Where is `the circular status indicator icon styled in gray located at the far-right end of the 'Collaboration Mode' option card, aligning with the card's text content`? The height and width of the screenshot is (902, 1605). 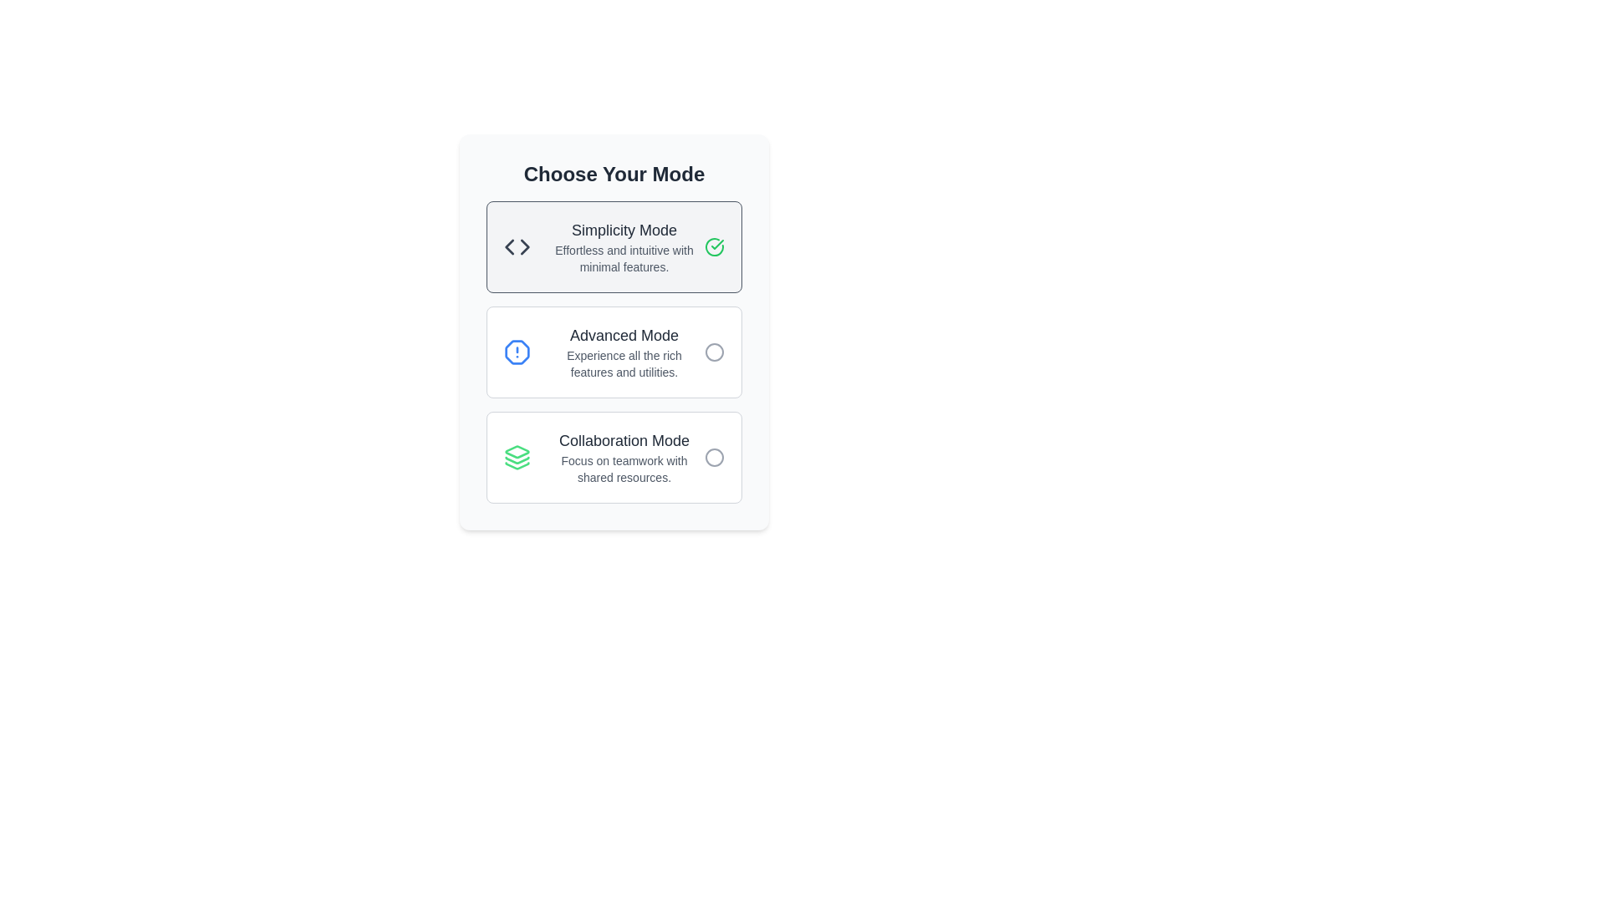 the circular status indicator icon styled in gray located at the far-right end of the 'Collaboration Mode' option card, aligning with the card's text content is located at coordinates (714, 457).